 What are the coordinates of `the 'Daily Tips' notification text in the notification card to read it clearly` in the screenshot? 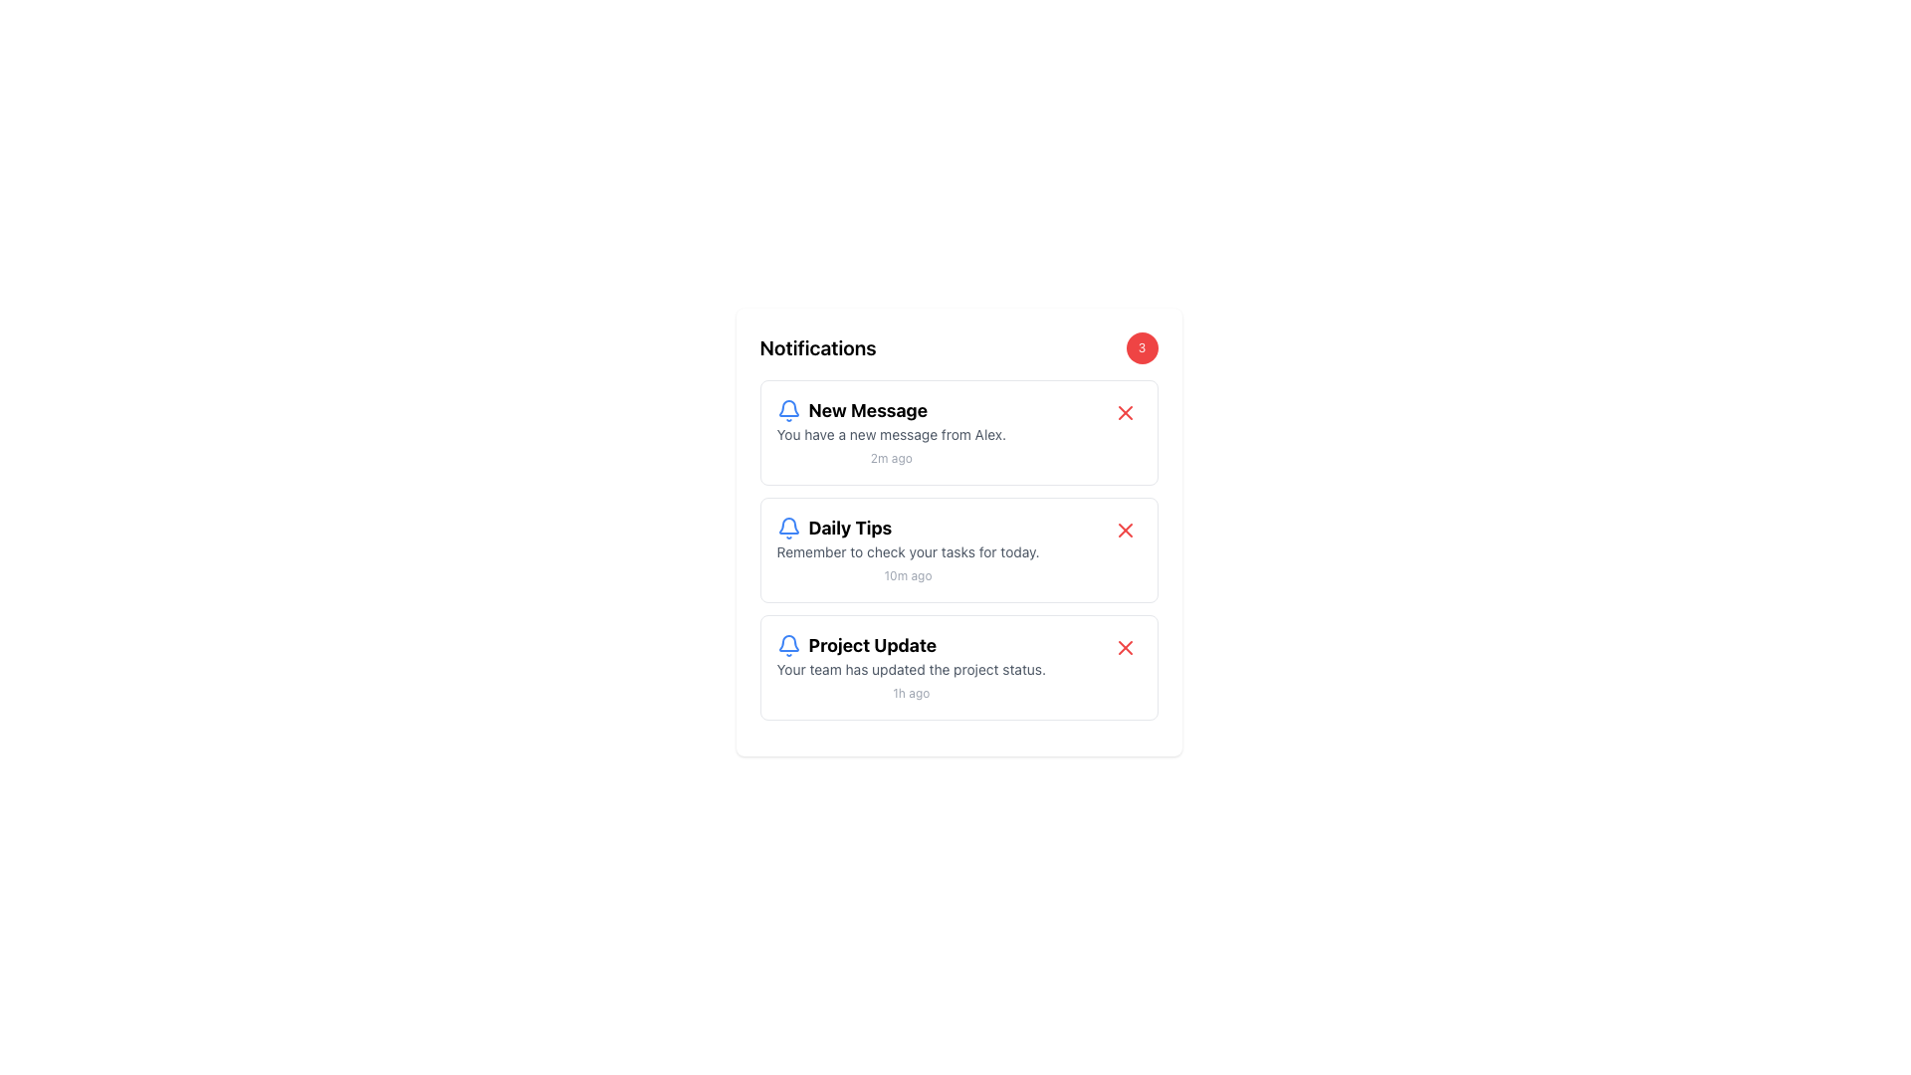 It's located at (958, 549).